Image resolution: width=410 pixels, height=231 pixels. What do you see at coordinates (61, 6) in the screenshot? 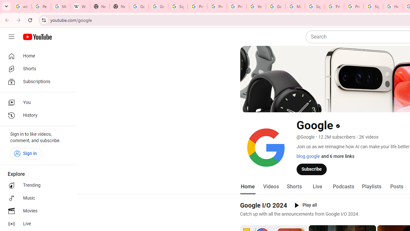
I see `'Manage your Location History - Google Search Help'` at bounding box center [61, 6].